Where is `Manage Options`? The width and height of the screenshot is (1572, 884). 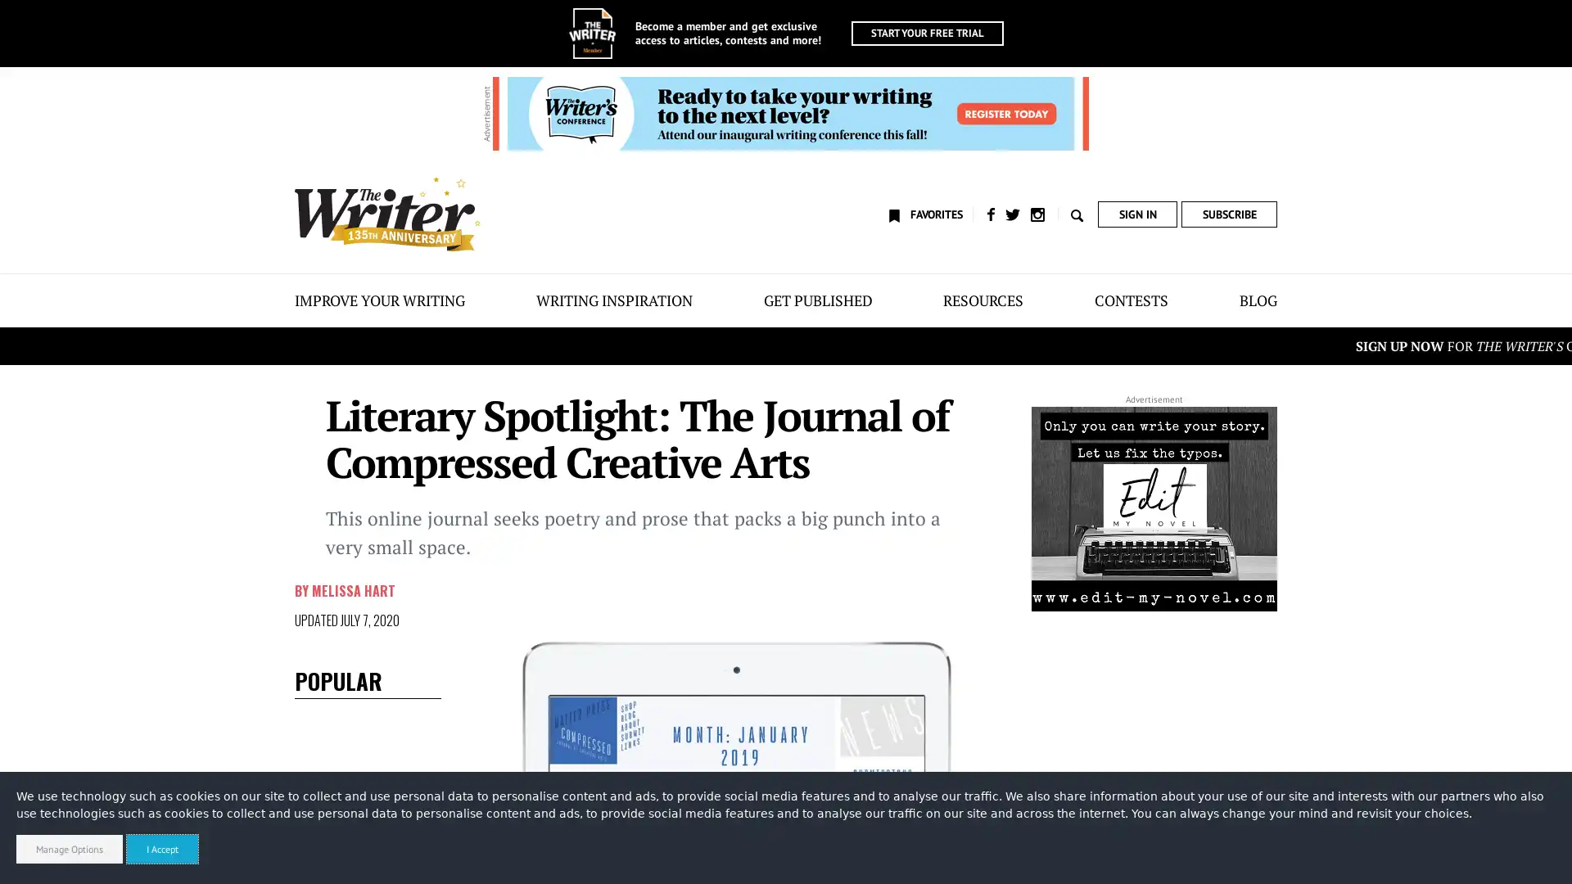 Manage Options is located at coordinates (69, 848).